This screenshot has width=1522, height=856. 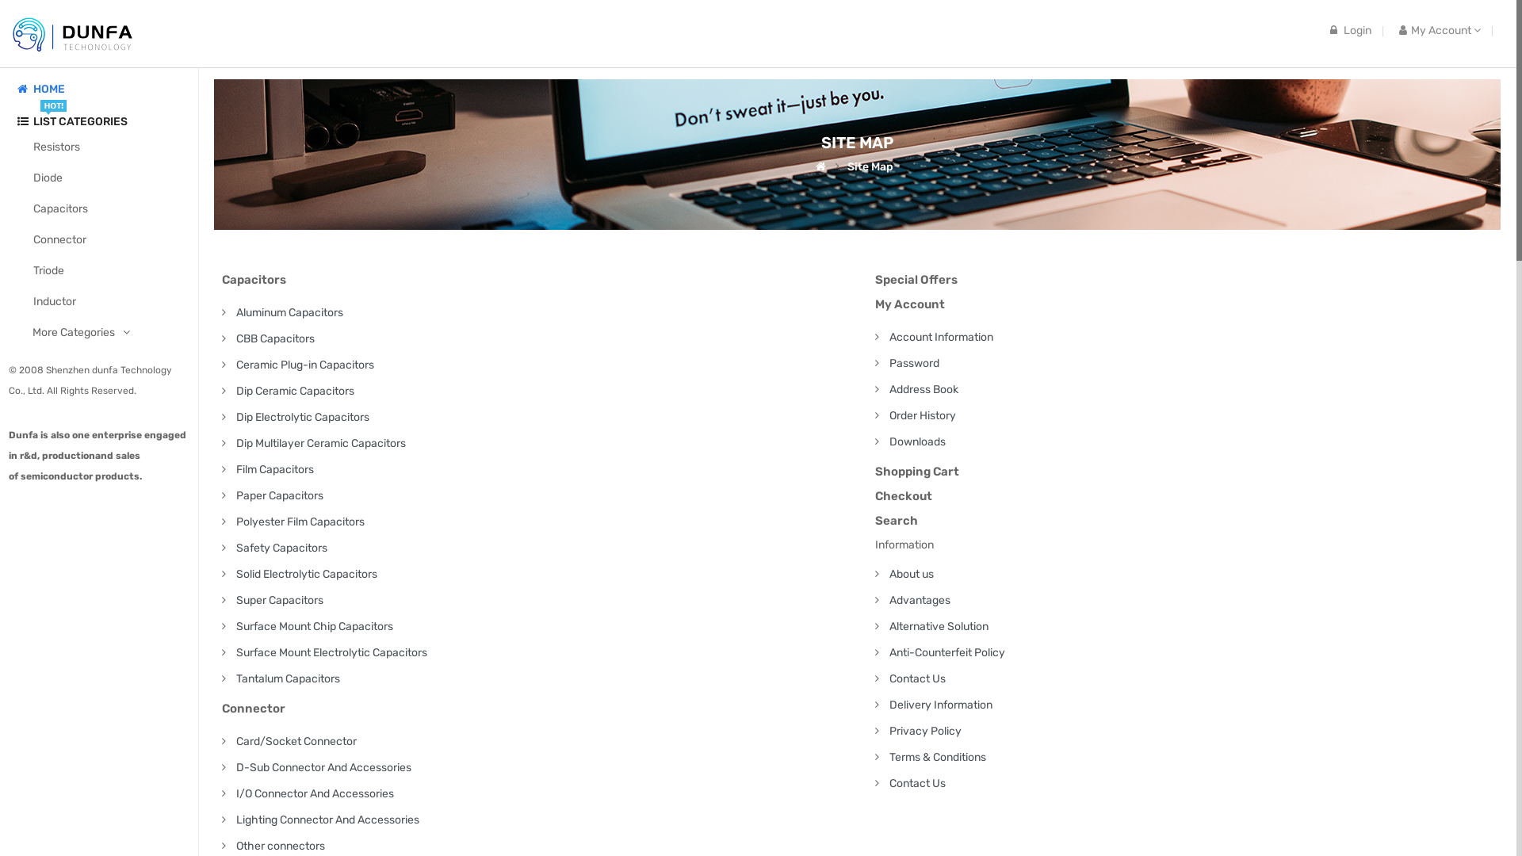 What do you see at coordinates (889, 574) in the screenshot?
I see `'About us'` at bounding box center [889, 574].